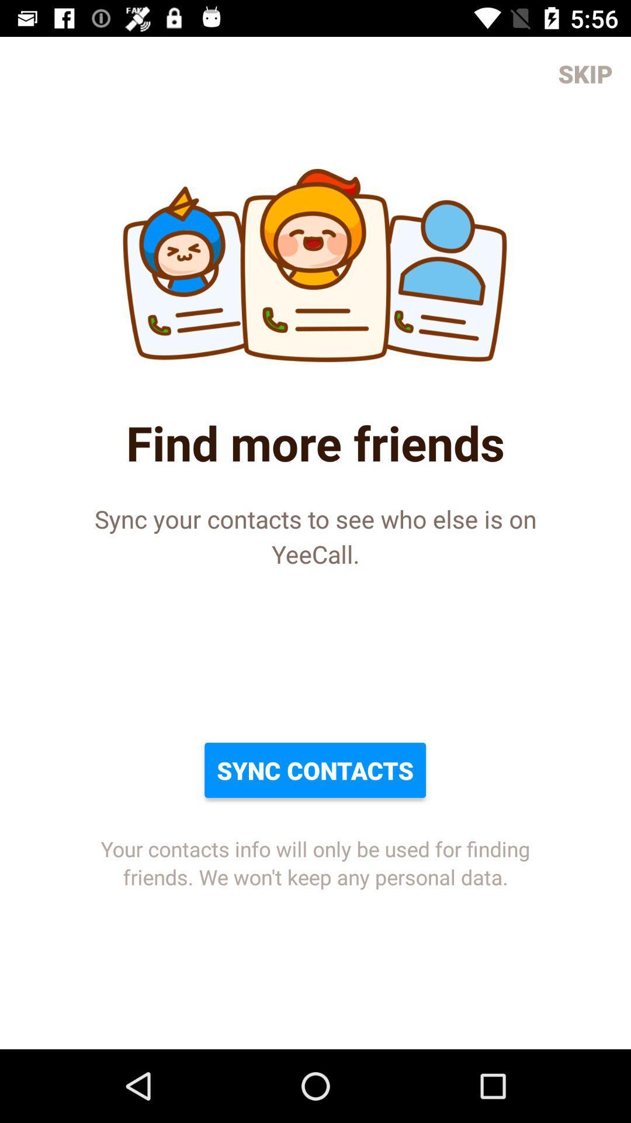  Describe the element at coordinates (585, 73) in the screenshot. I see `skip` at that location.